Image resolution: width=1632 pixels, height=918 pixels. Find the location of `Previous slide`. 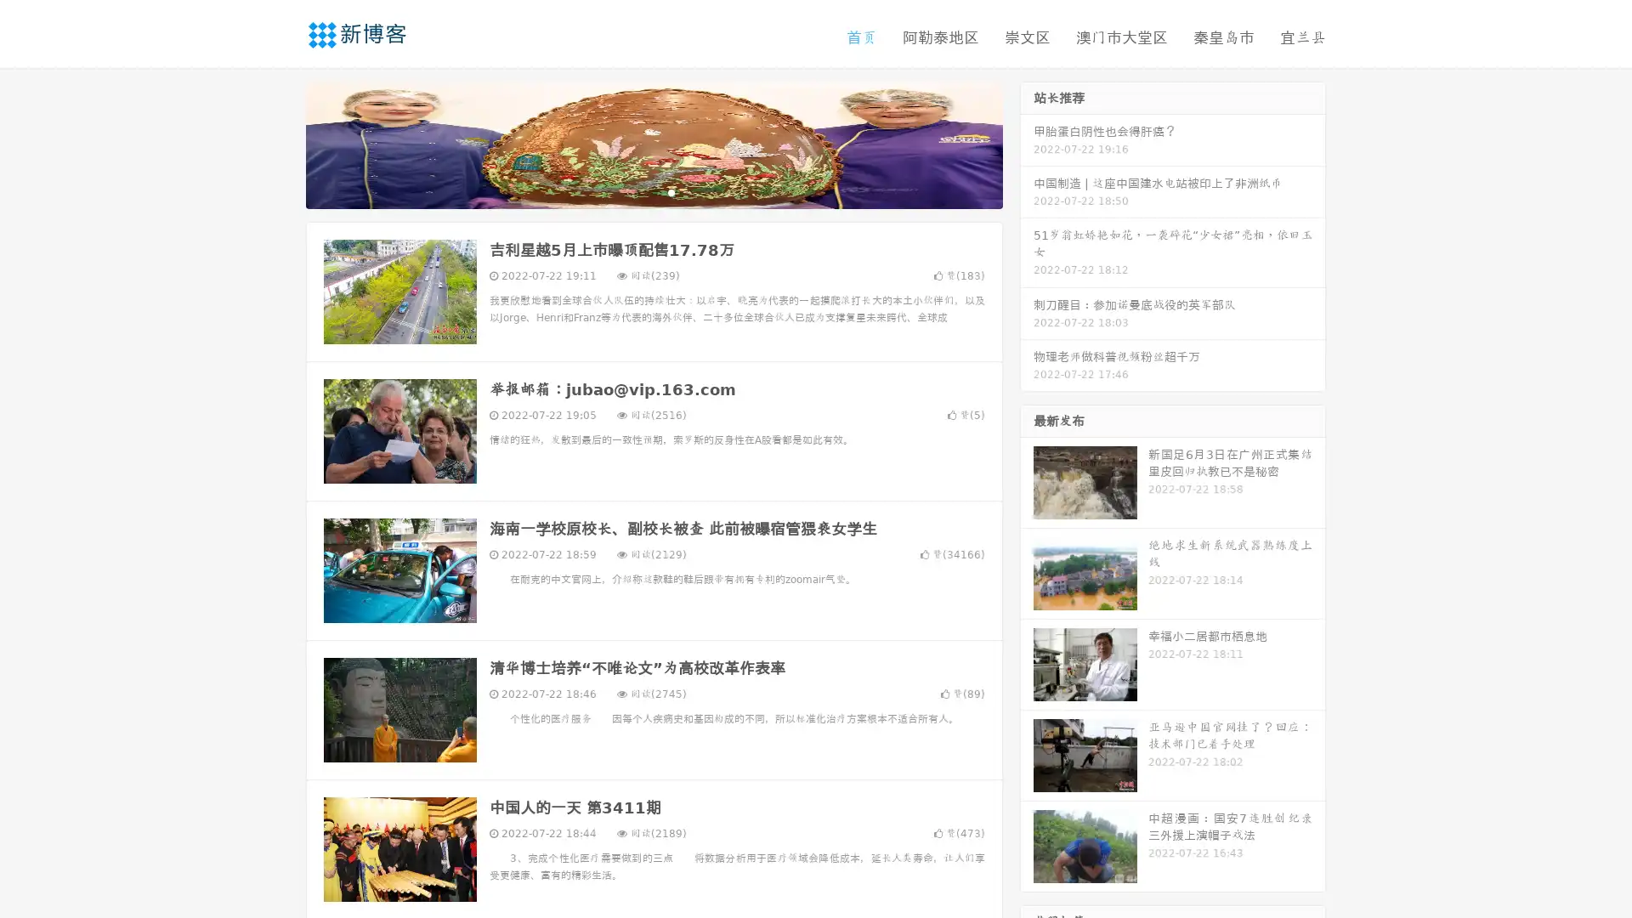

Previous slide is located at coordinates (280, 143).